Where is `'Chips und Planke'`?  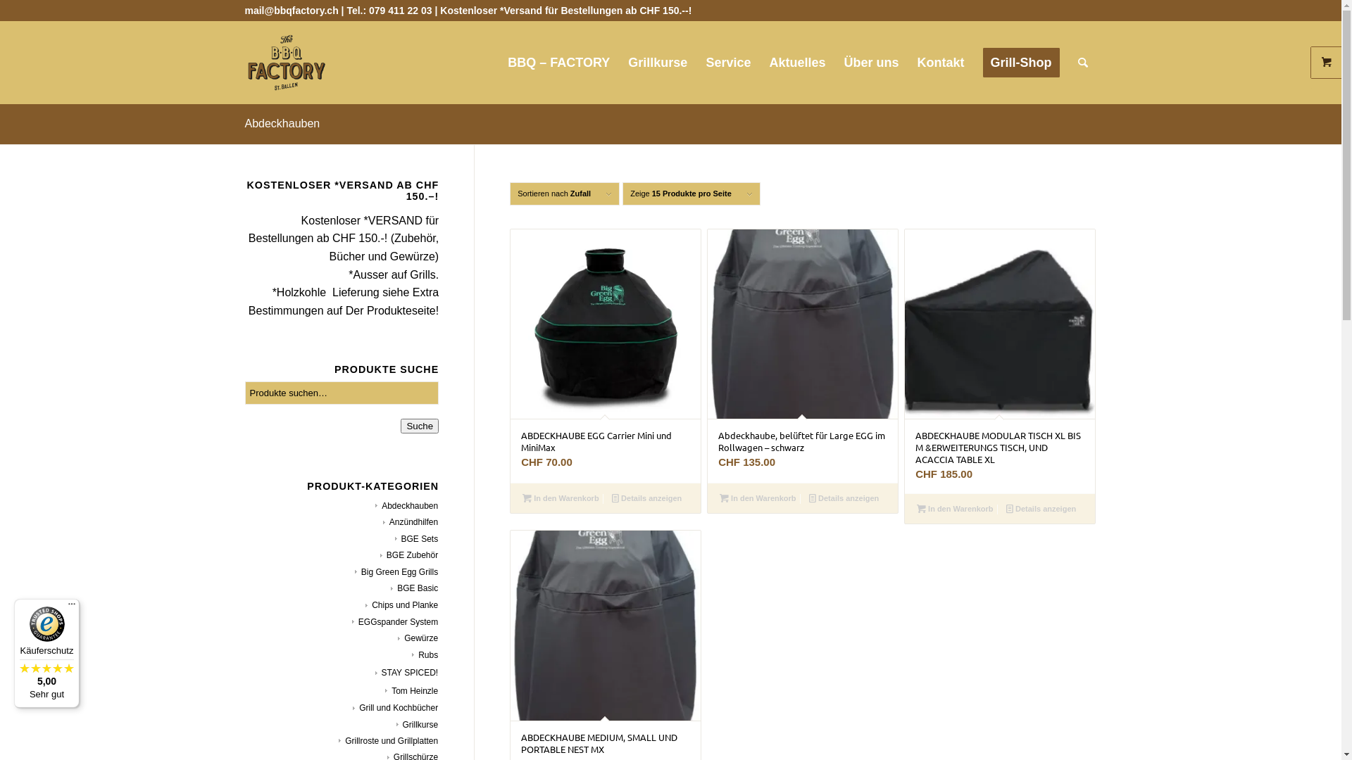 'Chips und Planke' is located at coordinates (365, 604).